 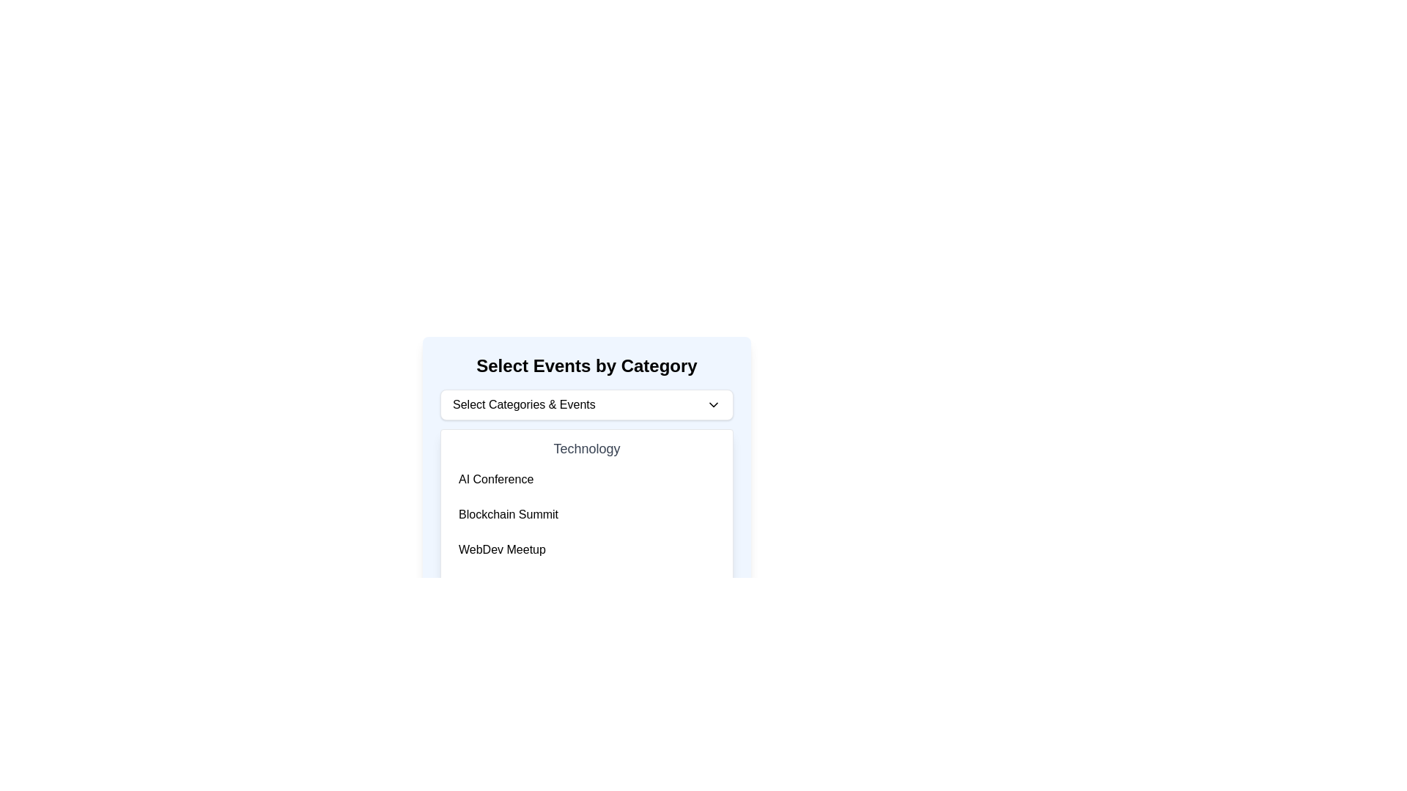 I want to click on the 'WebDev Meetup' event option in the 'Select Events by Category' interface, which is the last item in the 'Technology' list, so click(x=587, y=550).